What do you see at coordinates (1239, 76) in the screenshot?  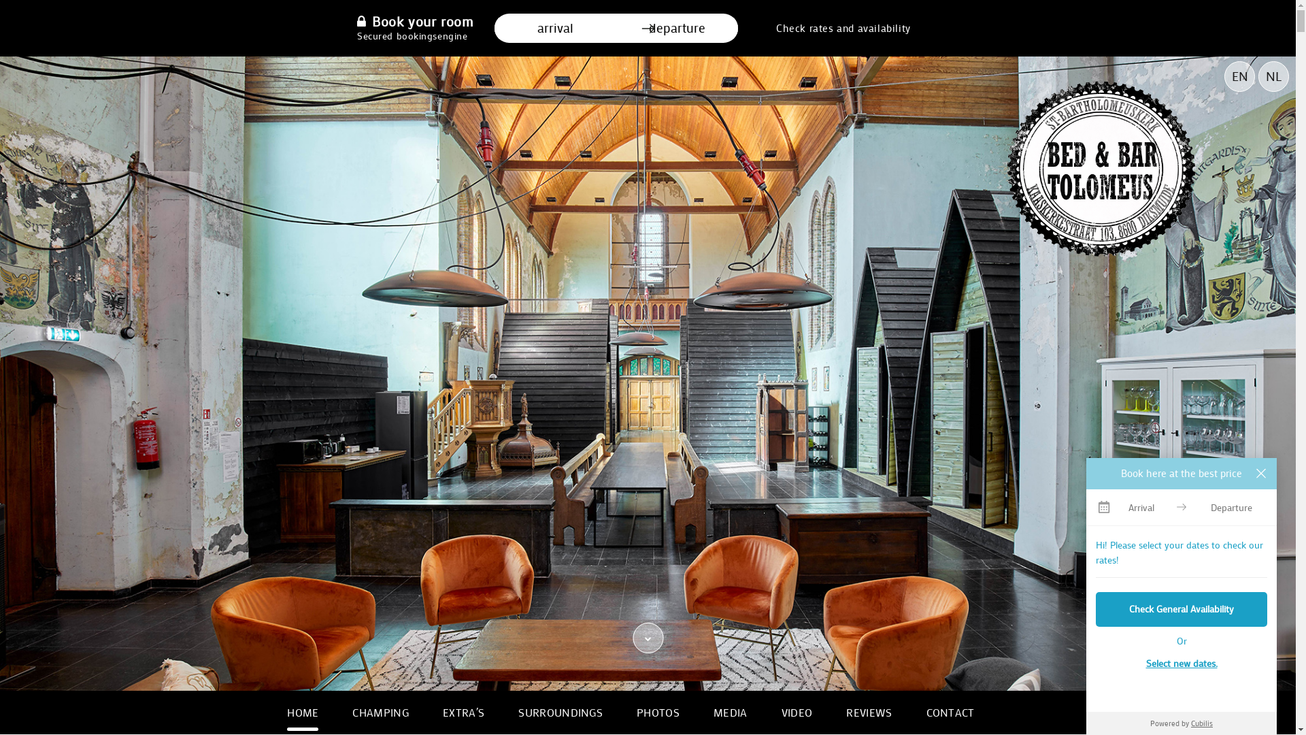 I see `'EN'` at bounding box center [1239, 76].